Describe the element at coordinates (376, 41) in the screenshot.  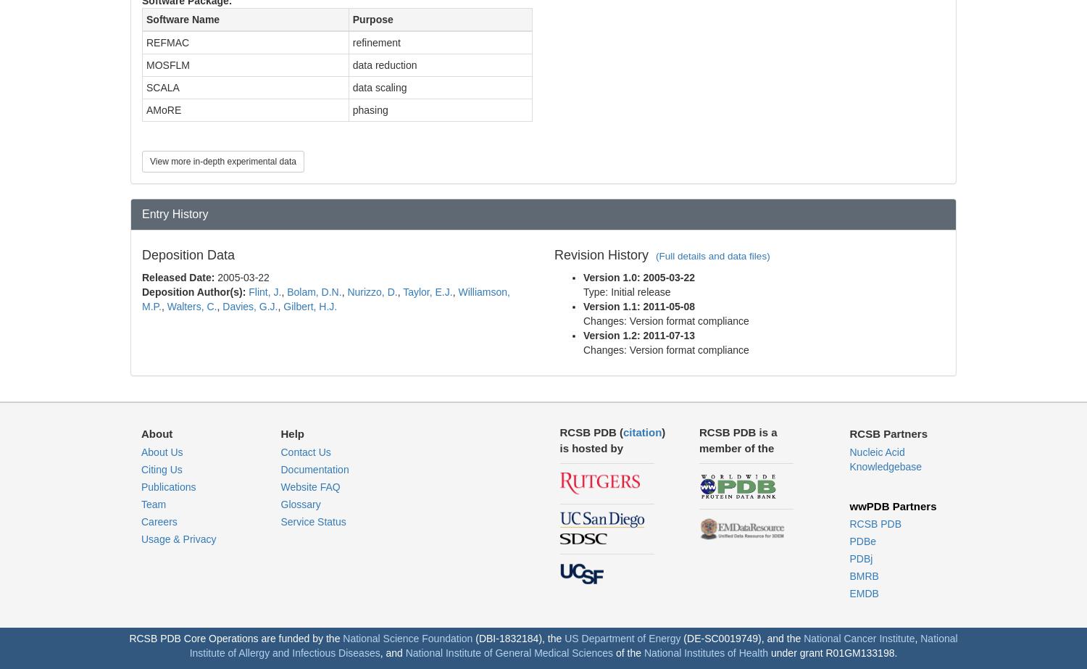
I see `'refinement'` at that location.